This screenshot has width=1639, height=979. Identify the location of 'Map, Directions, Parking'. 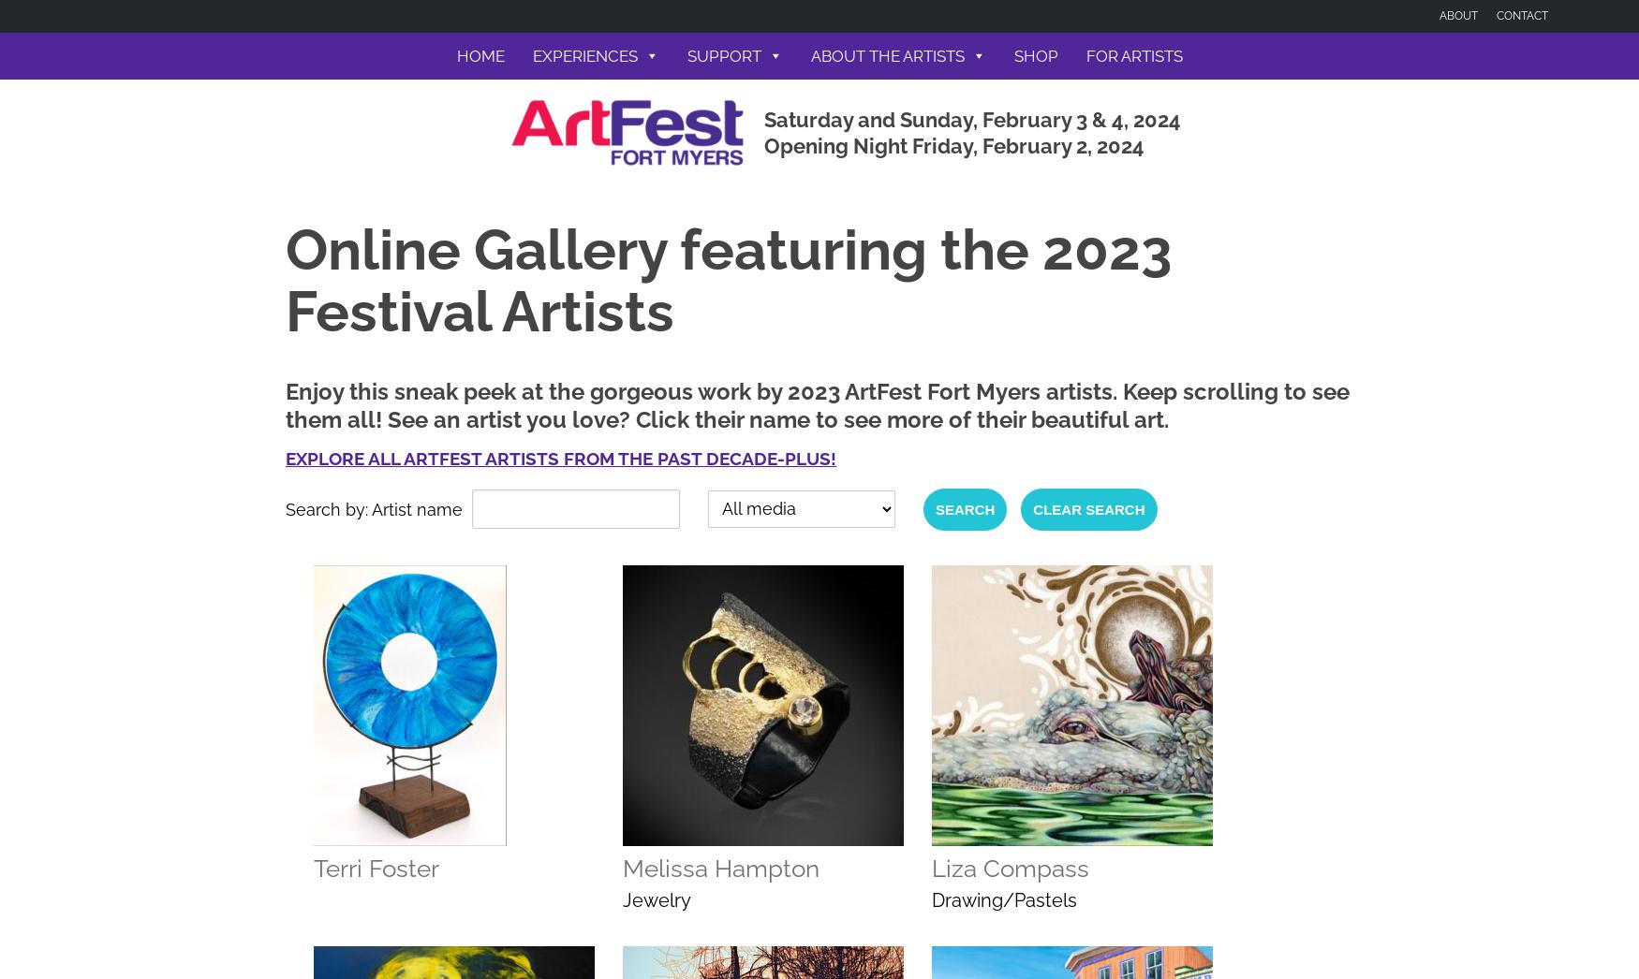
(613, 393).